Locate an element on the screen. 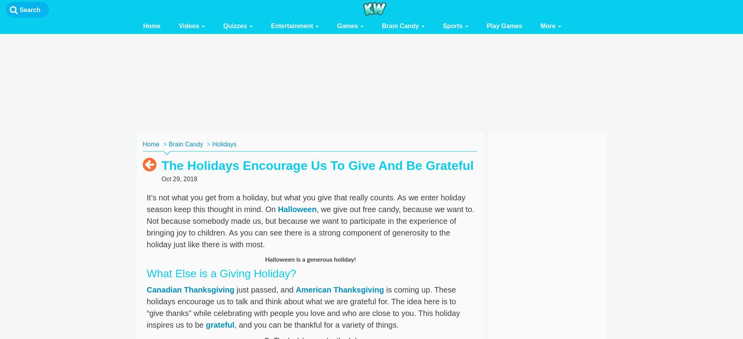 Image resolution: width=743 pixels, height=339 pixels. 'Halloween' is located at coordinates (296, 209).